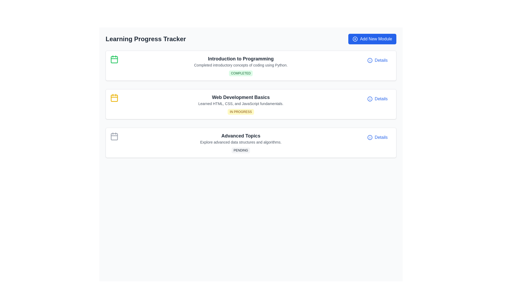 Image resolution: width=507 pixels, height=285 pixels. Describe the element at coordinates (241, 104) in the screenshot. I see `the progress card for the module 'Web Development Basics', which is the second entry in the 'Learning Progress Tracker' section` at that location.